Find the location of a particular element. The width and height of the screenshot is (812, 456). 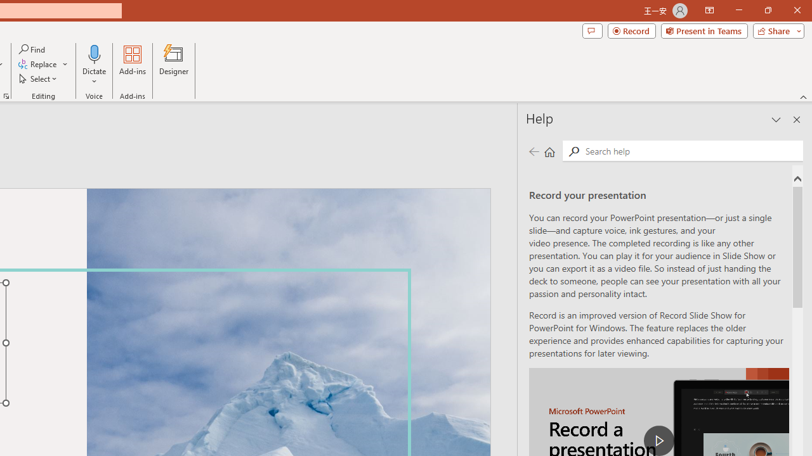

'More Options' is located at coordinates (94, 77).